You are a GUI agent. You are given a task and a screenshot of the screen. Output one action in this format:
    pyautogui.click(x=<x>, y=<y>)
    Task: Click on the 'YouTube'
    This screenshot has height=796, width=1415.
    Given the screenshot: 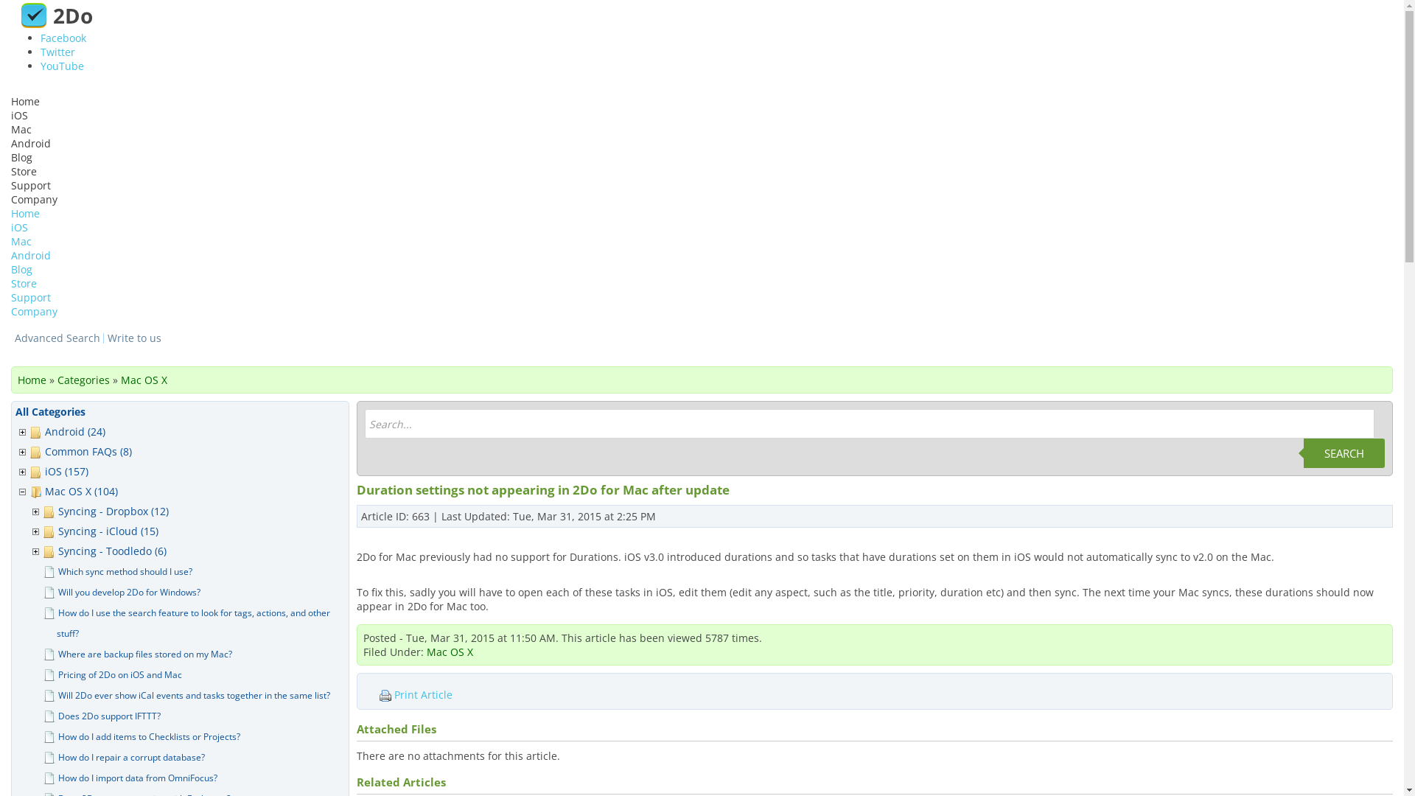 What is the action you would take?
    pyautogui.click(x=40, y=65)
    